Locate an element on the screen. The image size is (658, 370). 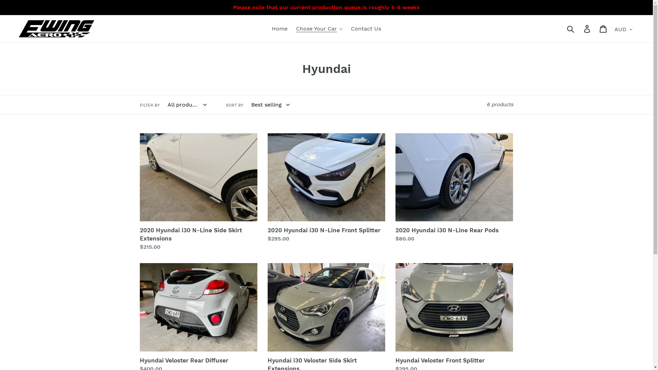
'Submit' is located at coordinates (571, 28).